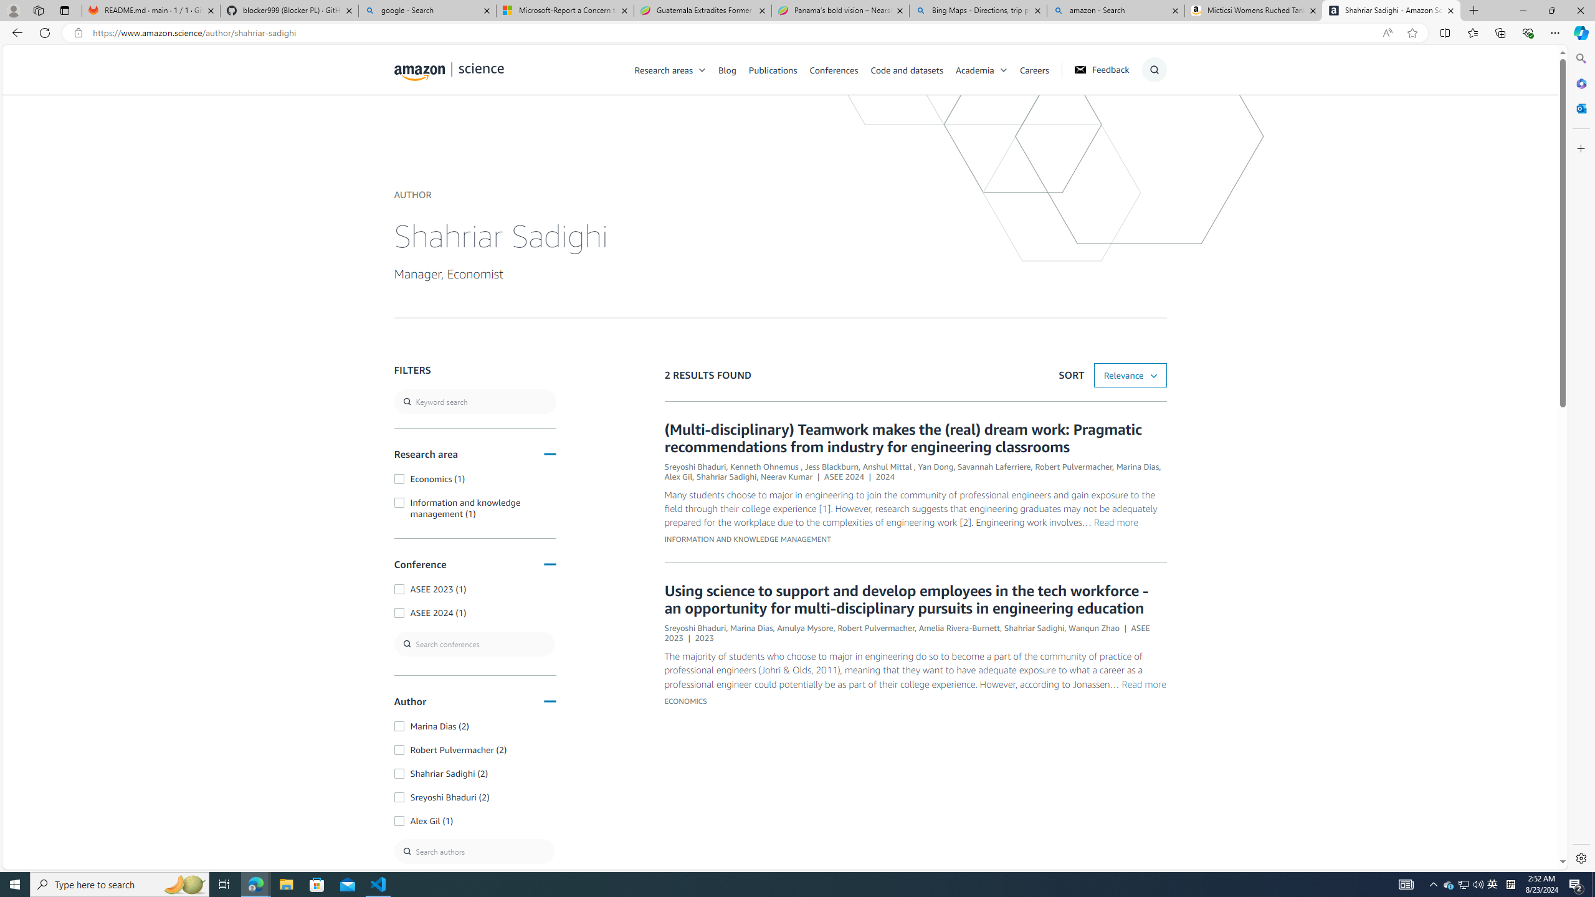 The image size is (1595, 897). What do you see at coordinates (408, 119) in the screenshot?
I see `'Class: icon-magnify'` at bounding box center [408, 119].